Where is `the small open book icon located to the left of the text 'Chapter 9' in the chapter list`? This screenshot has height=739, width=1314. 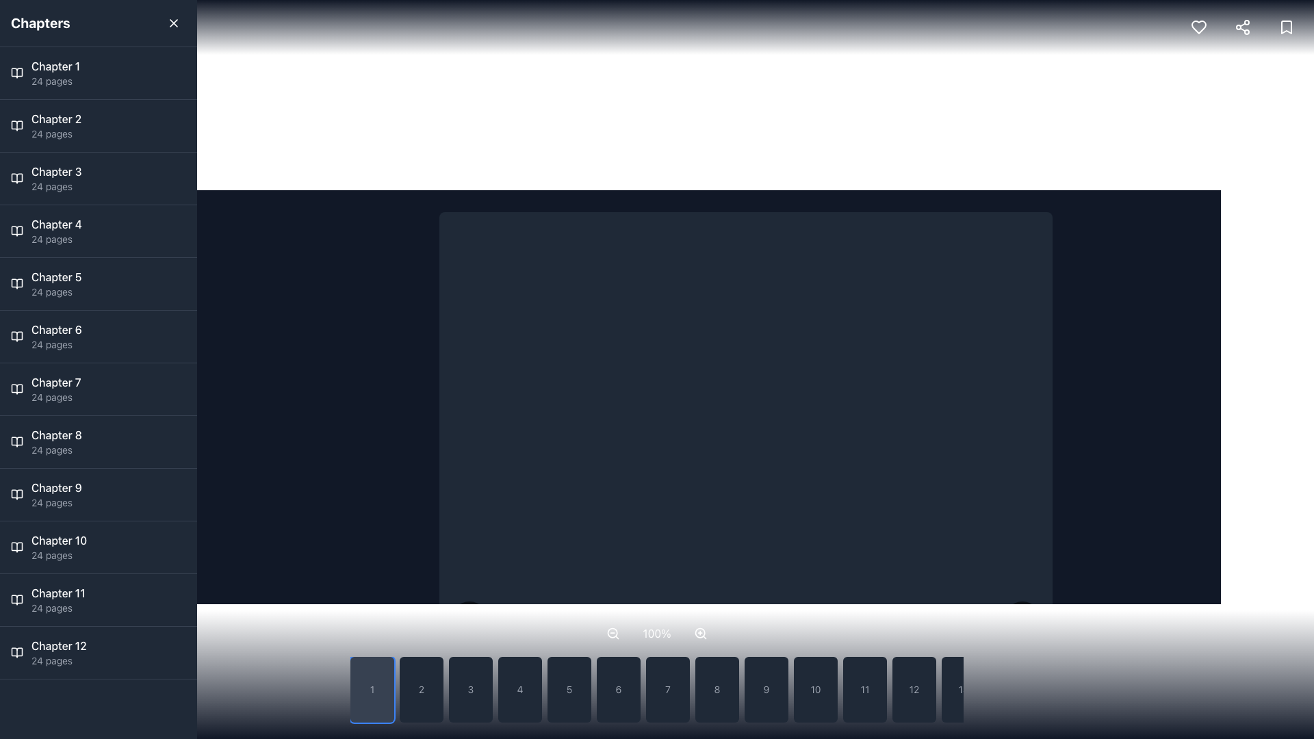
the small open book icon located to the left of the text 'Chapter 9' in the chapter list is located at coordinates (16, 494).